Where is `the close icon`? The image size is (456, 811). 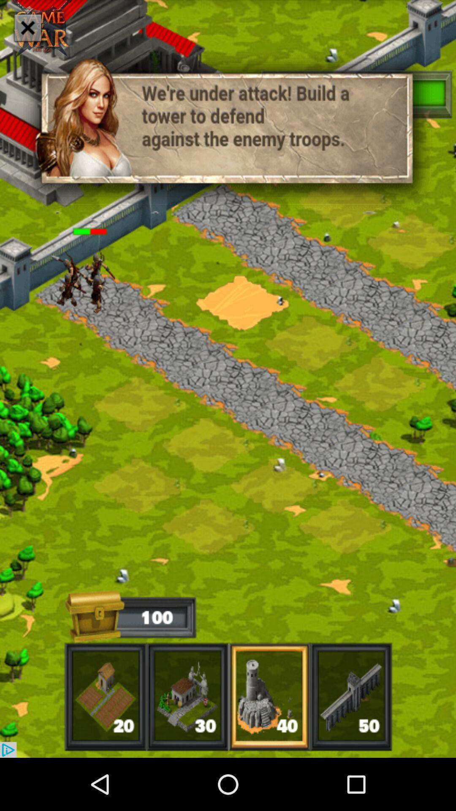 the close icon is located at coordinates (38, 41).